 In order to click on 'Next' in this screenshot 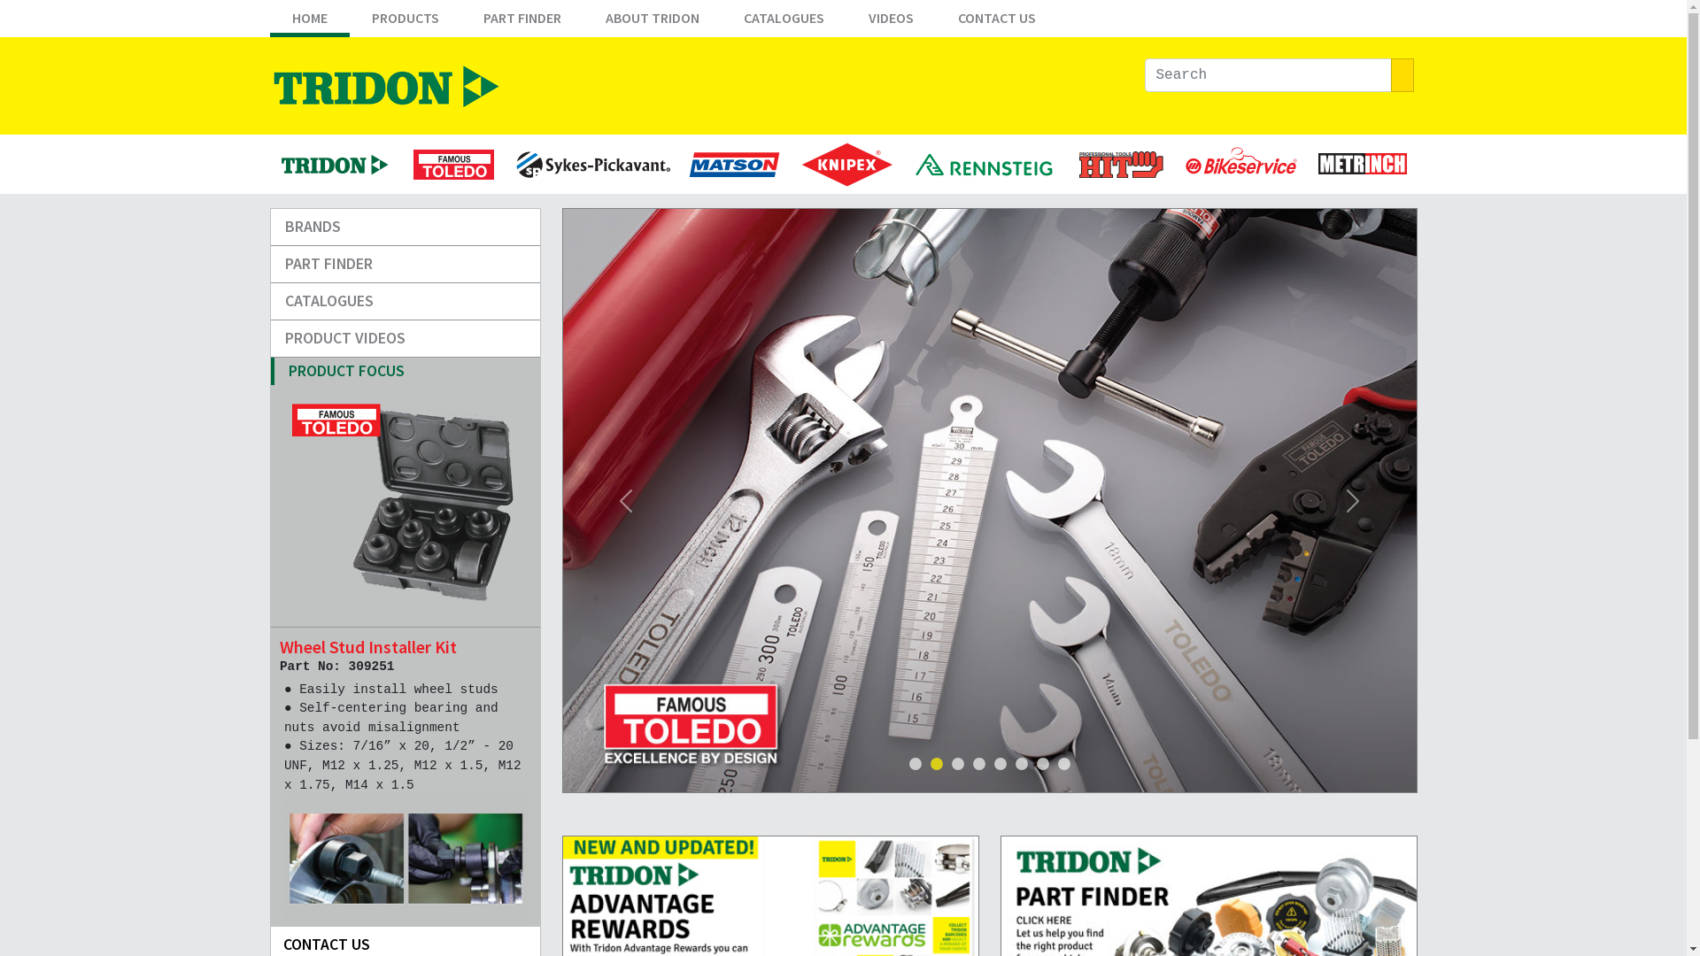, I will do `click(1352, 500)`.